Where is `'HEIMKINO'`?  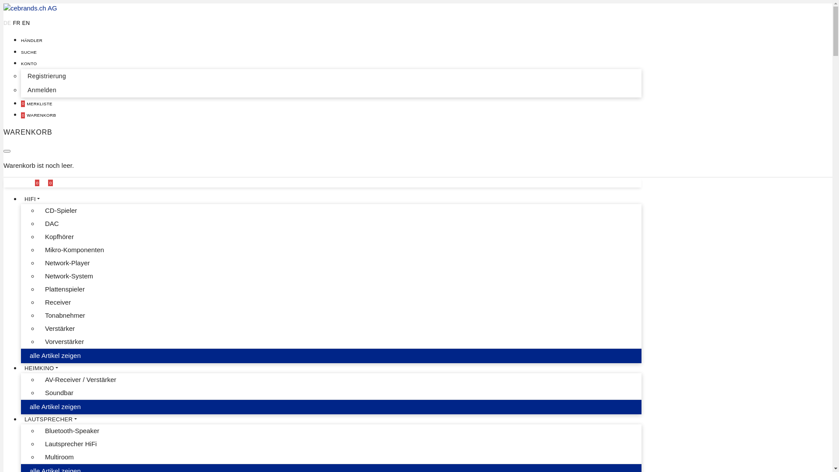
'HEIMKINO' is located at coordinates (41, 368).